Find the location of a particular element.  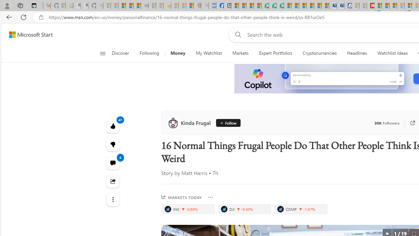

'Share this story' is located at coordinates (113, 181).